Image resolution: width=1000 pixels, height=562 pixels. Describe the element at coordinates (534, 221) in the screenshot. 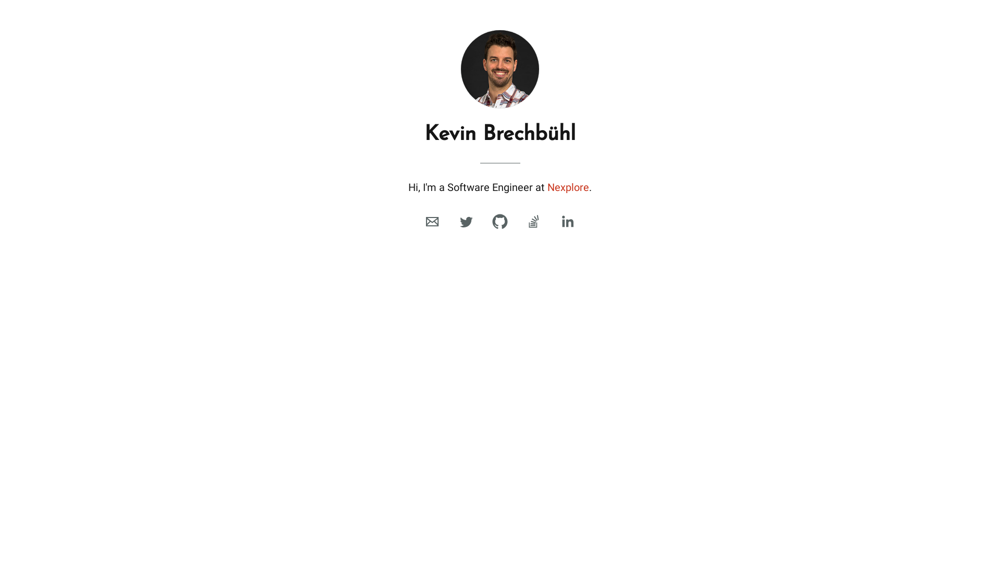

I see `'Stack Overflow'` at that location.